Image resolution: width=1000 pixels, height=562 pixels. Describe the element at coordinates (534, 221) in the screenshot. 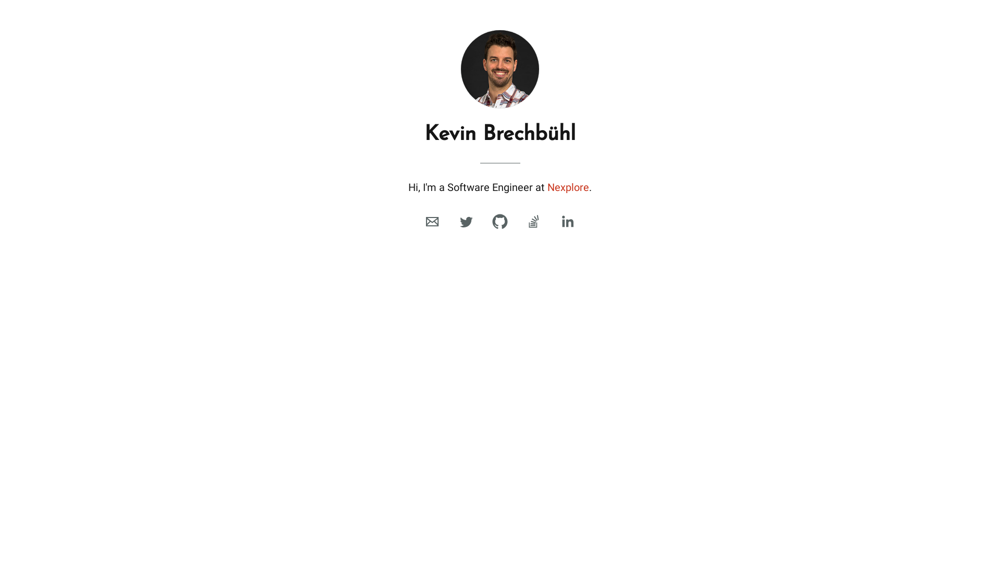

I see `'Stack Overflow'` at that location.